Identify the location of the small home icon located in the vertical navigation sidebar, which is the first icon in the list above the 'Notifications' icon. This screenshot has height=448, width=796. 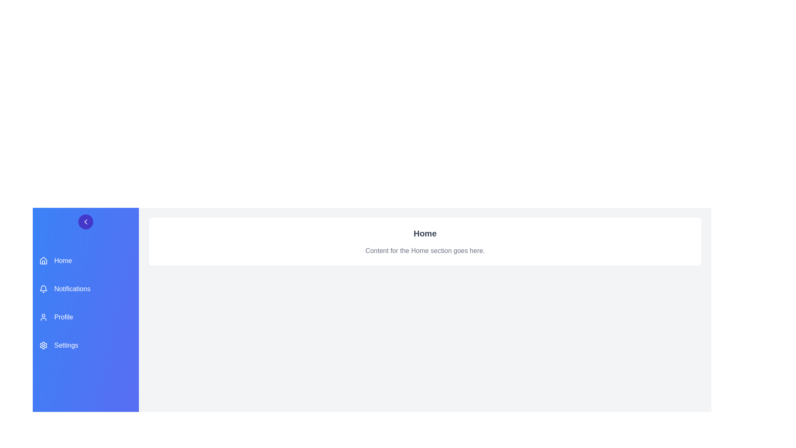
(43, 260).